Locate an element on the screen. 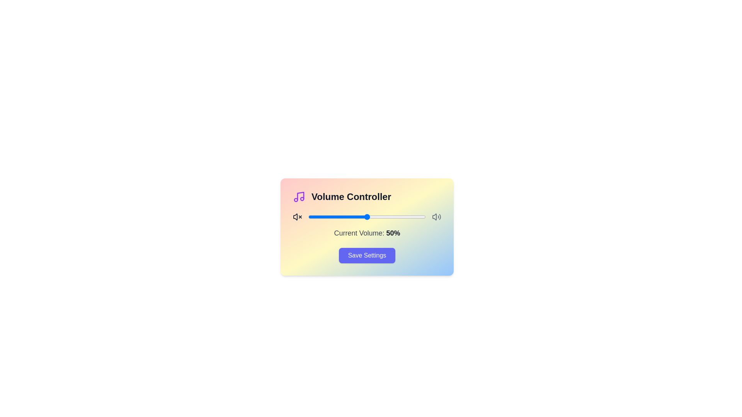 Image resolution: width=742 pixels, height=417 pixels. the volume slider to 88% is located at coordinates (411, 217).